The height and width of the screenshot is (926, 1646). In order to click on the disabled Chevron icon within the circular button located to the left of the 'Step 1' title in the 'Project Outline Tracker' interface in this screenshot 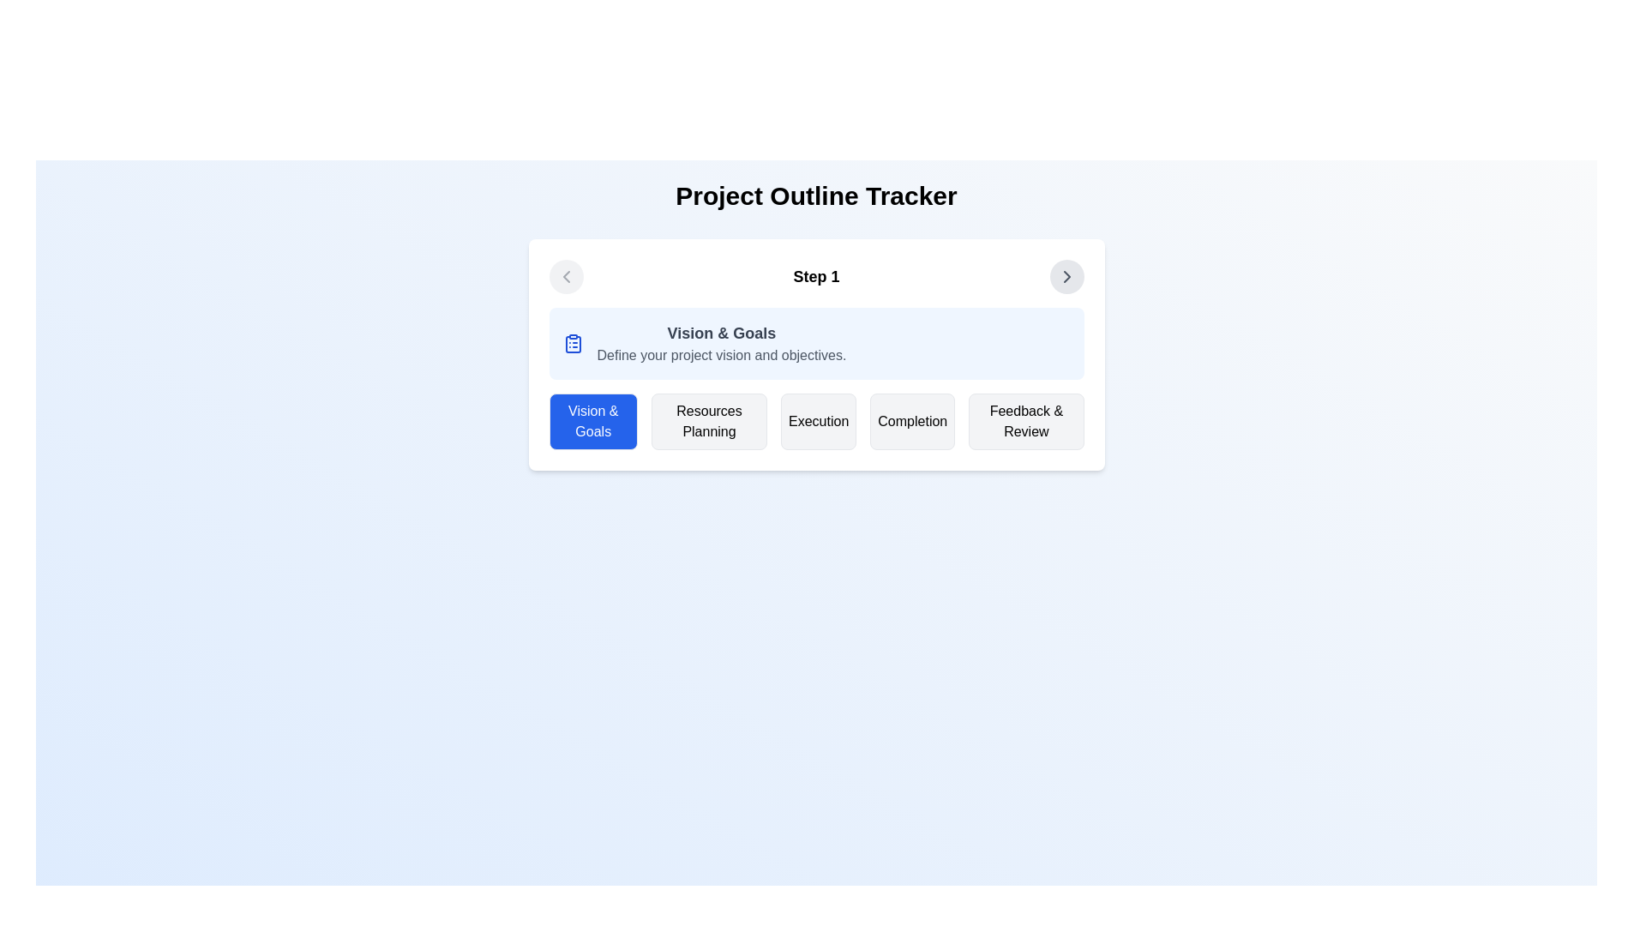, I will do `click(566, 276)`.